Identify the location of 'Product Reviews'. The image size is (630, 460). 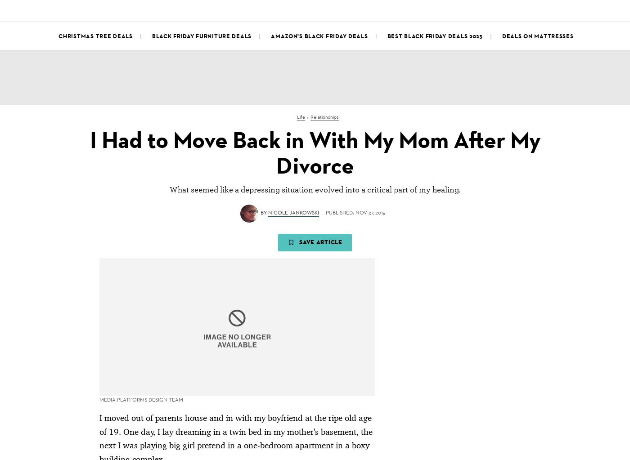
(180, 9).